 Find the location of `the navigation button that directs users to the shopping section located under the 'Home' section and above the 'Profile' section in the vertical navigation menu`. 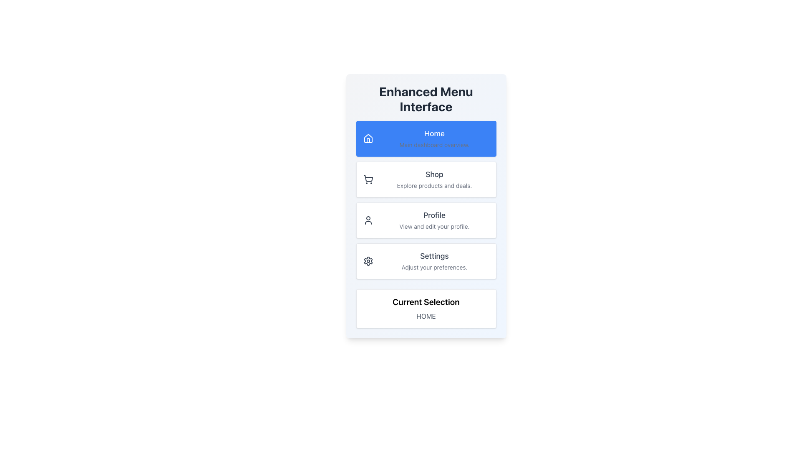

the navigation button that directs users to the shopping section located under the 'Home' section and above the 'Profile' section in the vertical navigation menu is located at coordinates (426, 179).